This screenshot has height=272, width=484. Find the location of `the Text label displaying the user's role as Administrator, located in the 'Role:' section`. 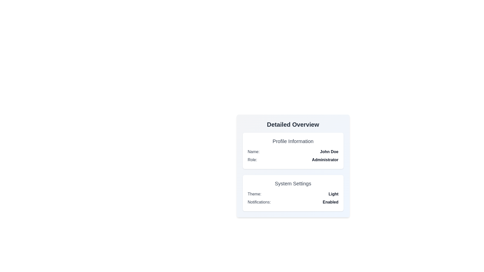

the Text label displaying the user's role as Administrator, located in the 'Role:' section is located at coordinates (325, 160).